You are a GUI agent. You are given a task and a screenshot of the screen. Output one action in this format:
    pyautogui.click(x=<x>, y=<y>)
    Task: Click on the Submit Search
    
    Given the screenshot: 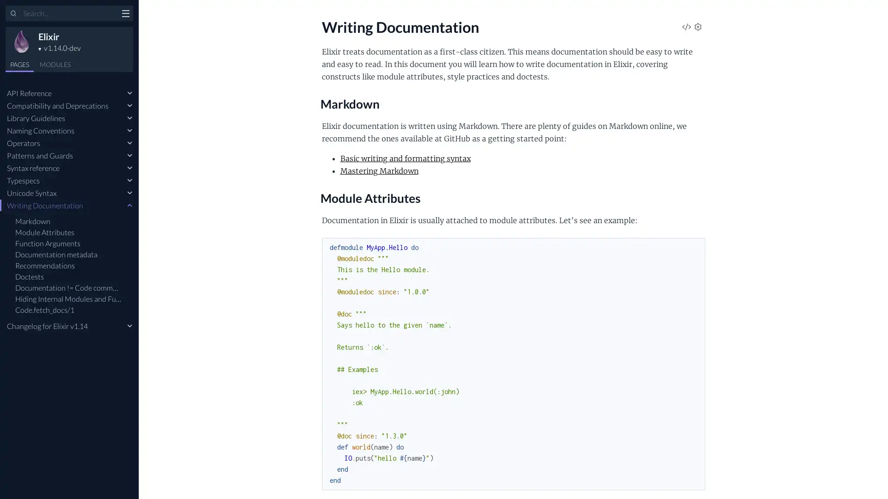 What is the action you would take?
    pyautogui.click(x=13, y=14)
    